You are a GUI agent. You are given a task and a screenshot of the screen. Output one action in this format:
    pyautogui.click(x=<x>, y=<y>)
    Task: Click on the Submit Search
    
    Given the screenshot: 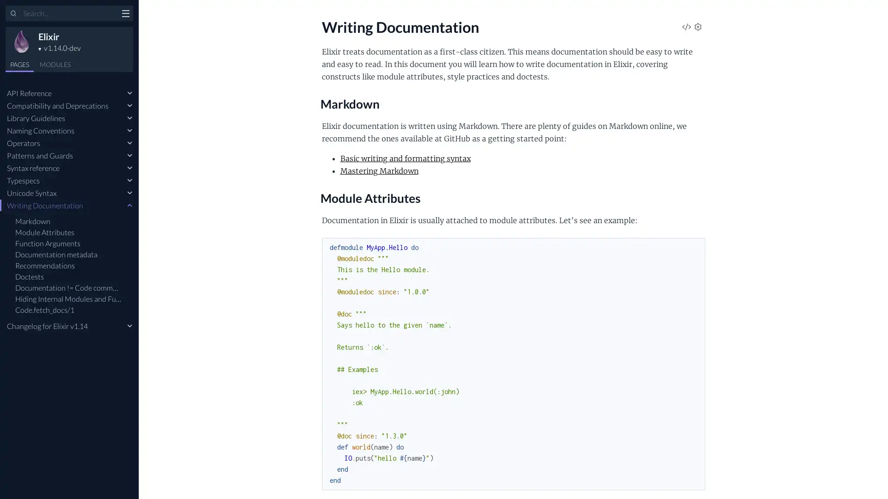 What is the action you would take?
    pyautogui.click(x=13, y=14)
    